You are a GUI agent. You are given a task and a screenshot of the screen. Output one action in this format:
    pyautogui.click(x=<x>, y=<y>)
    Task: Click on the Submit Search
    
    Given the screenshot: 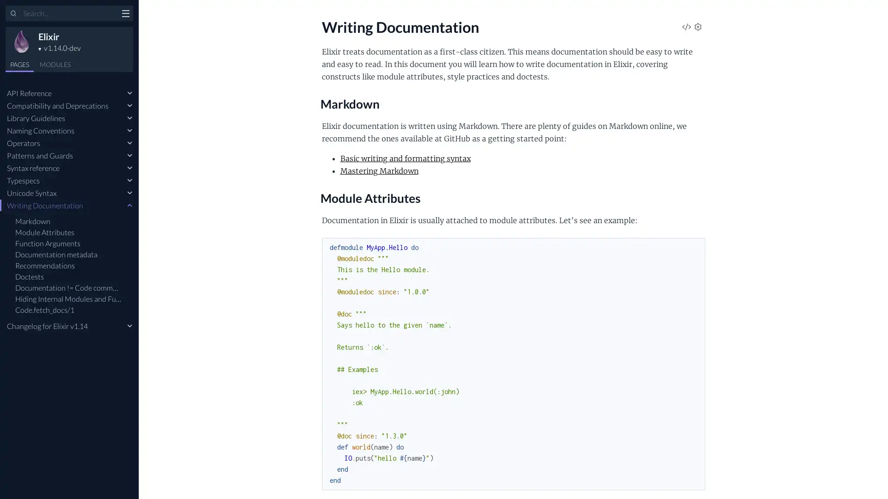 What is the action you would take?
    pyautogui.click(x=13, y=14)
    